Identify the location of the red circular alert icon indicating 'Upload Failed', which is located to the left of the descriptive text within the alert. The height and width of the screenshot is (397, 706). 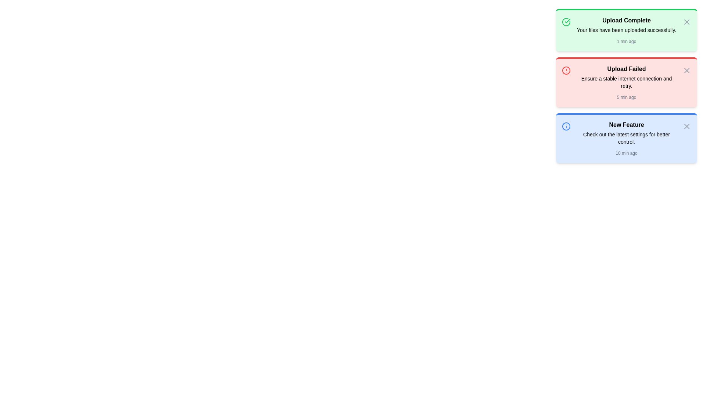
(566, 71).